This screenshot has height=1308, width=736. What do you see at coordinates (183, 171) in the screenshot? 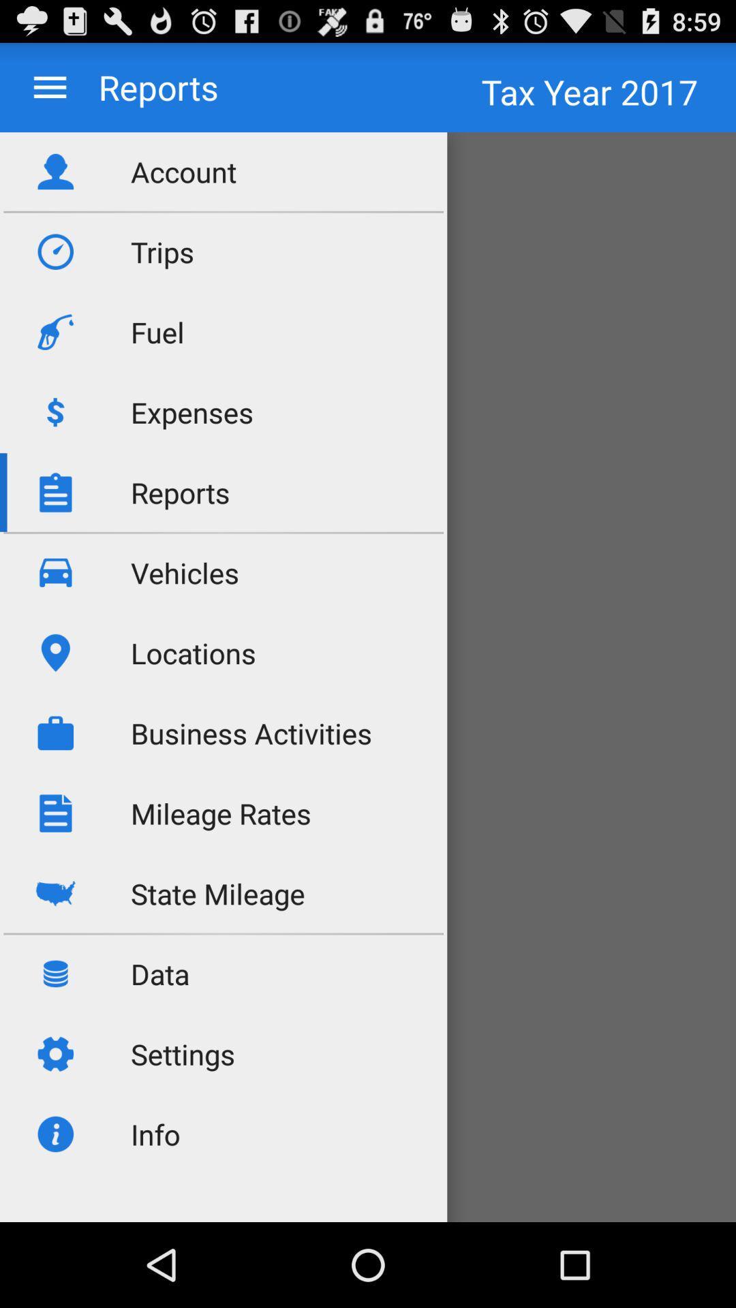
I see `the account icon` at bounding box center [183, 171].